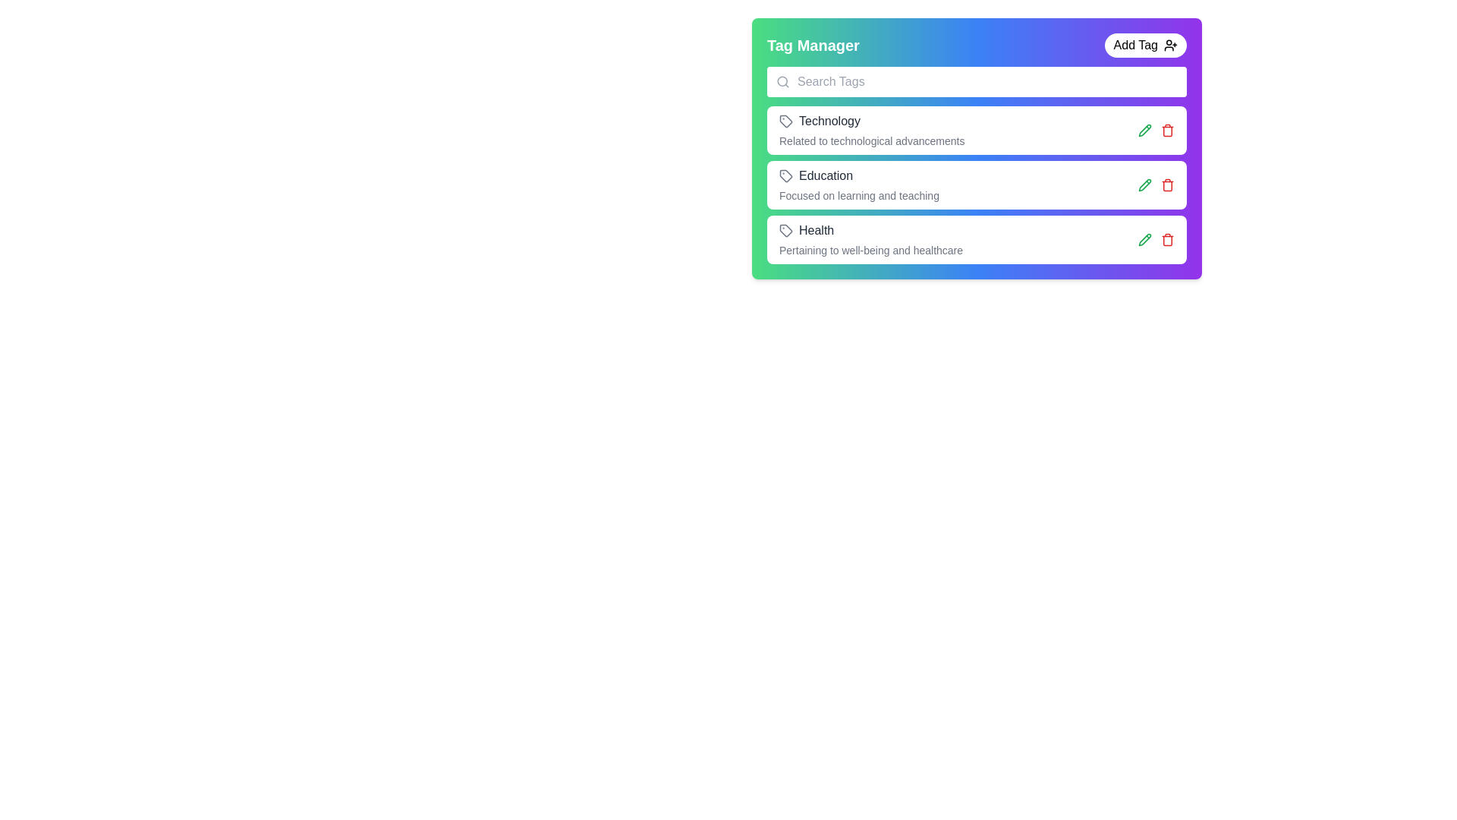 The image size is (1457, 820). Describe the element at coordinates (1144, 184) in the screenshot. I see `the green pencil-shaped icon button located on the right side of the 'Education' tag row` at that location.